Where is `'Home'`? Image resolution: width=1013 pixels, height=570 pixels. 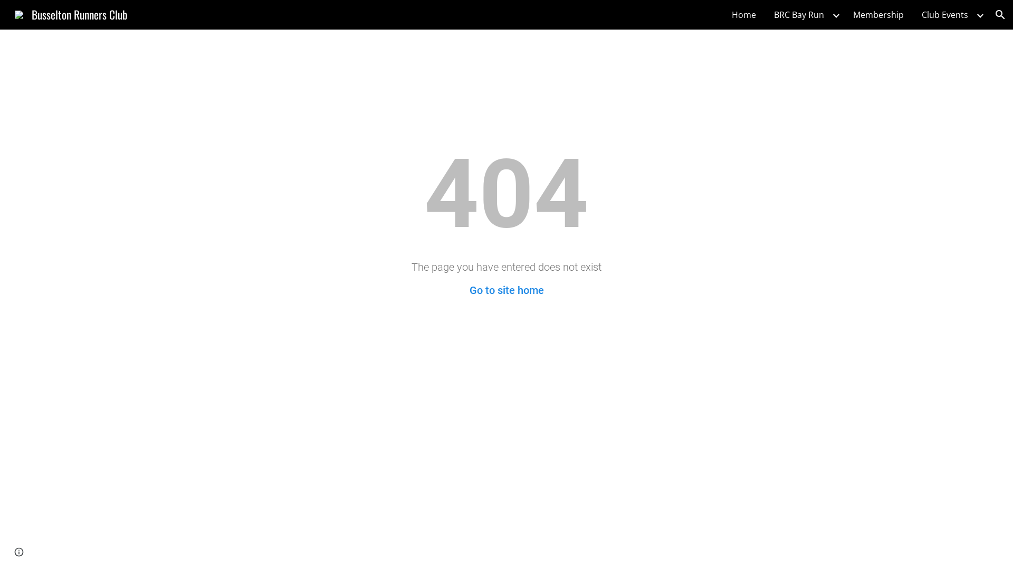
'Home' is located at coordinates (743, 14).